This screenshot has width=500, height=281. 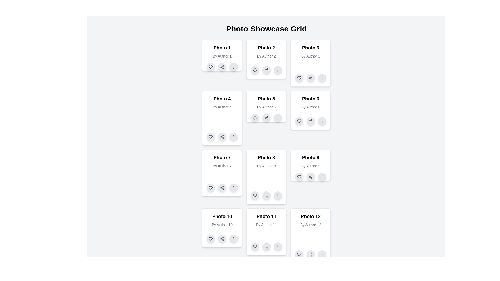 I want to click on the vertical ellipsis icon button located in the bottom-right corner of the 'Photo 8' card, so click(x=277, y=196).